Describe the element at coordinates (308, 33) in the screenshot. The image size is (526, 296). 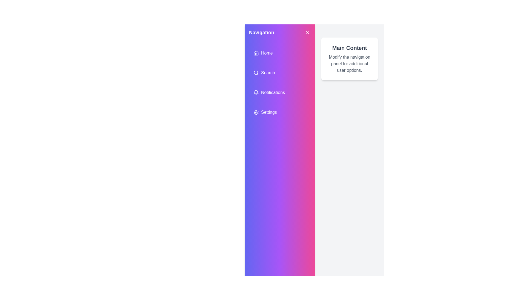
I see `the close or dismiss symbol icon located` at that location.